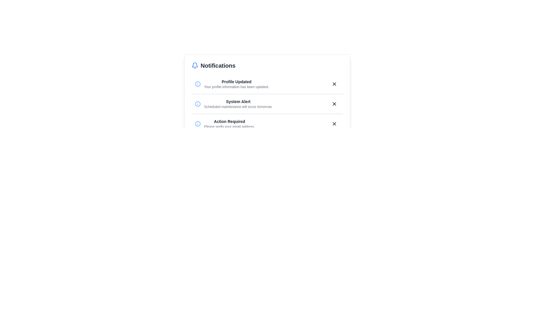  I want to click on the notification text prompting the user to verify their email address, which is the third item in the Notifications list, so click(229, 123).